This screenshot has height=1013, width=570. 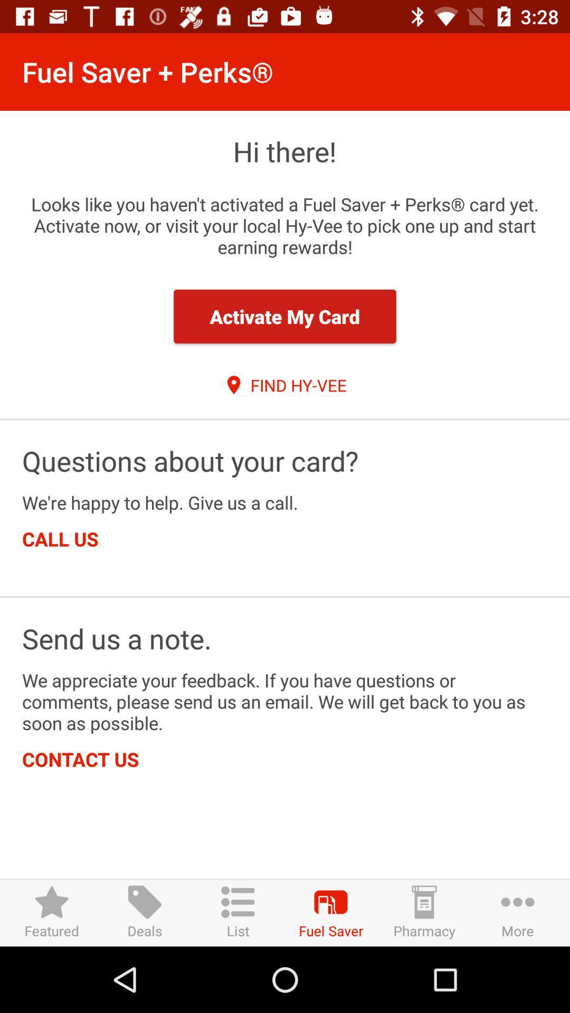 What do you see at coordinates (52, 912) in the screenshot?
I see `featured item` at bounding box center [52, 912].